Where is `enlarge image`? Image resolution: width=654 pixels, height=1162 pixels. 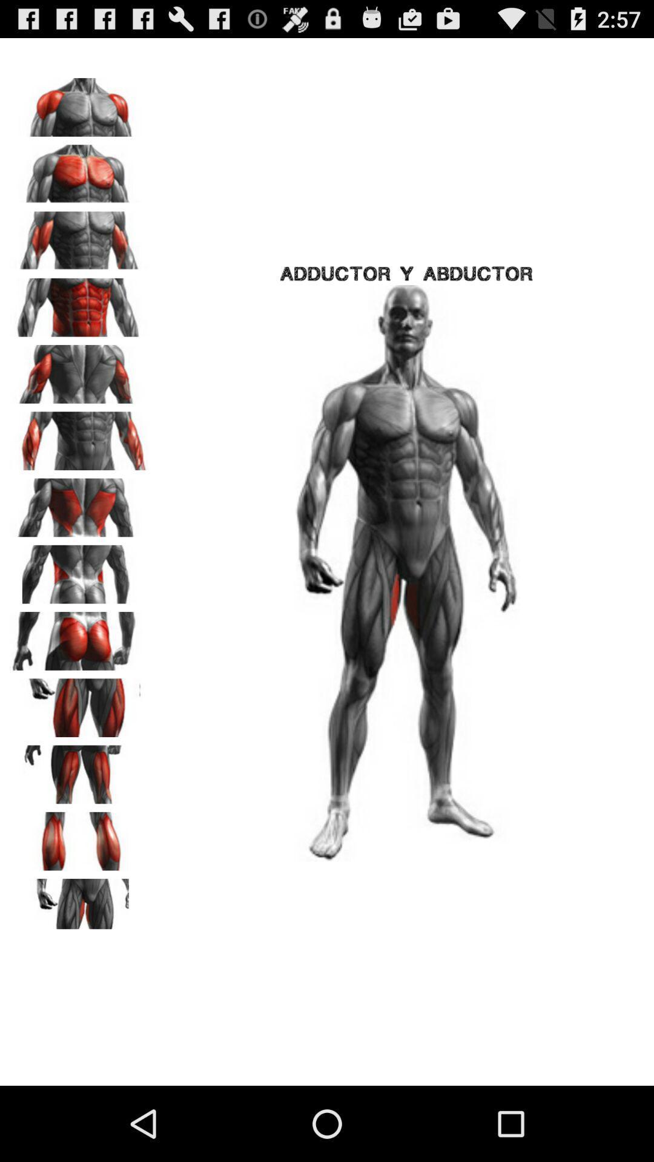
enlarge image is located at coordinates (79, 237).